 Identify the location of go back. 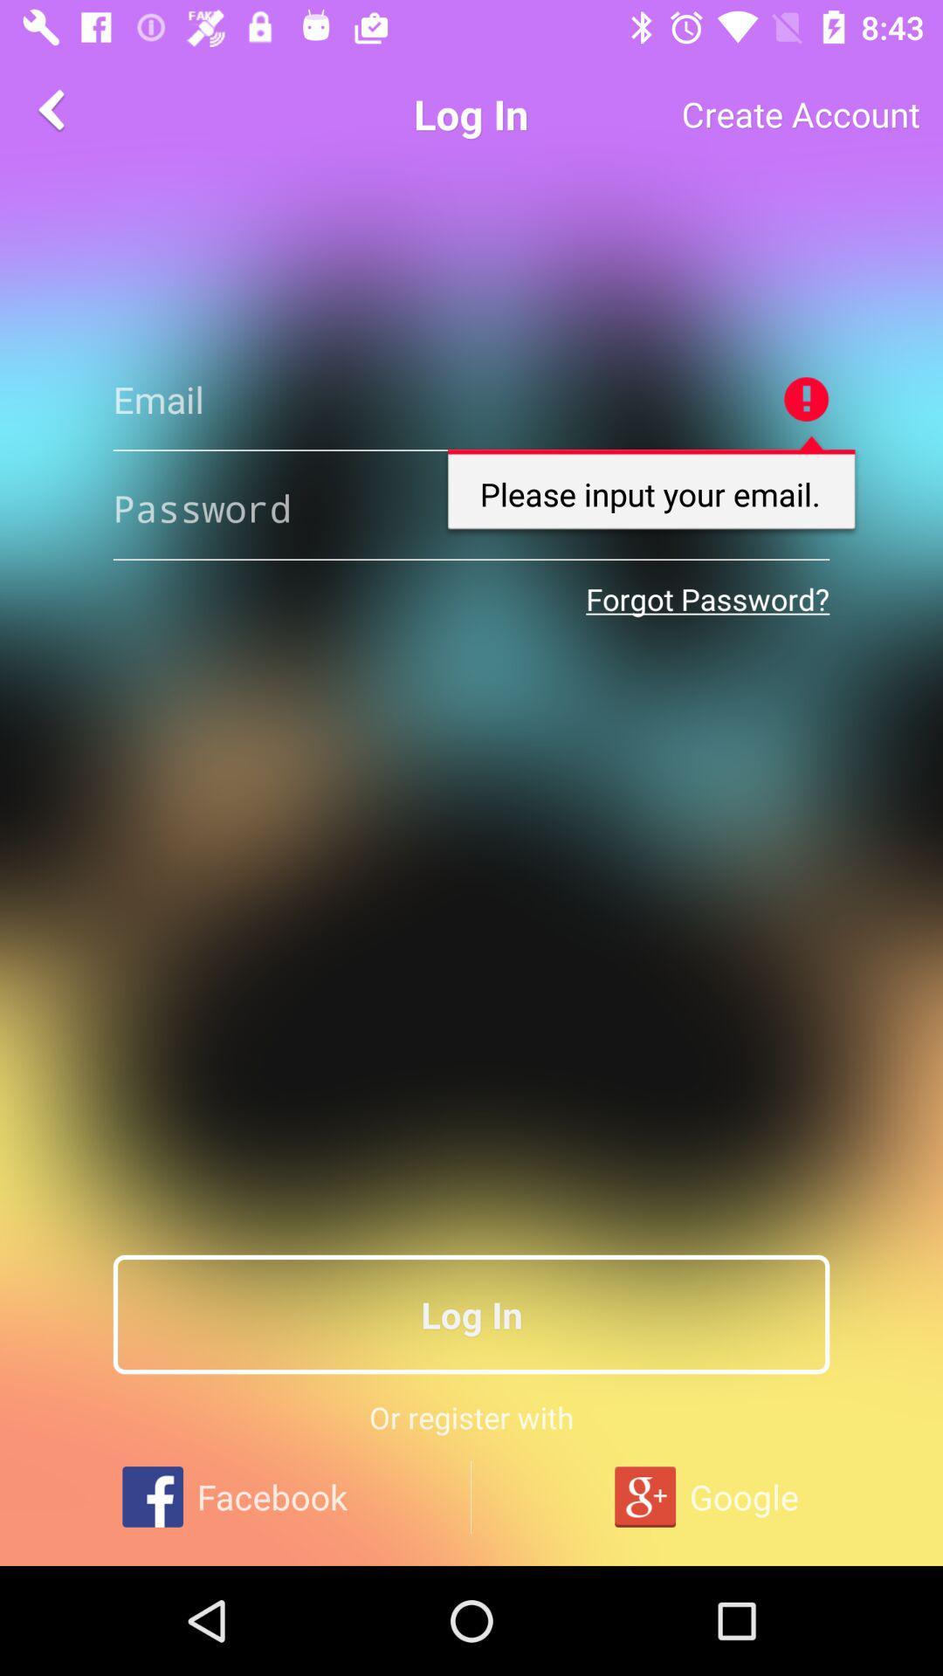
(53, 108).